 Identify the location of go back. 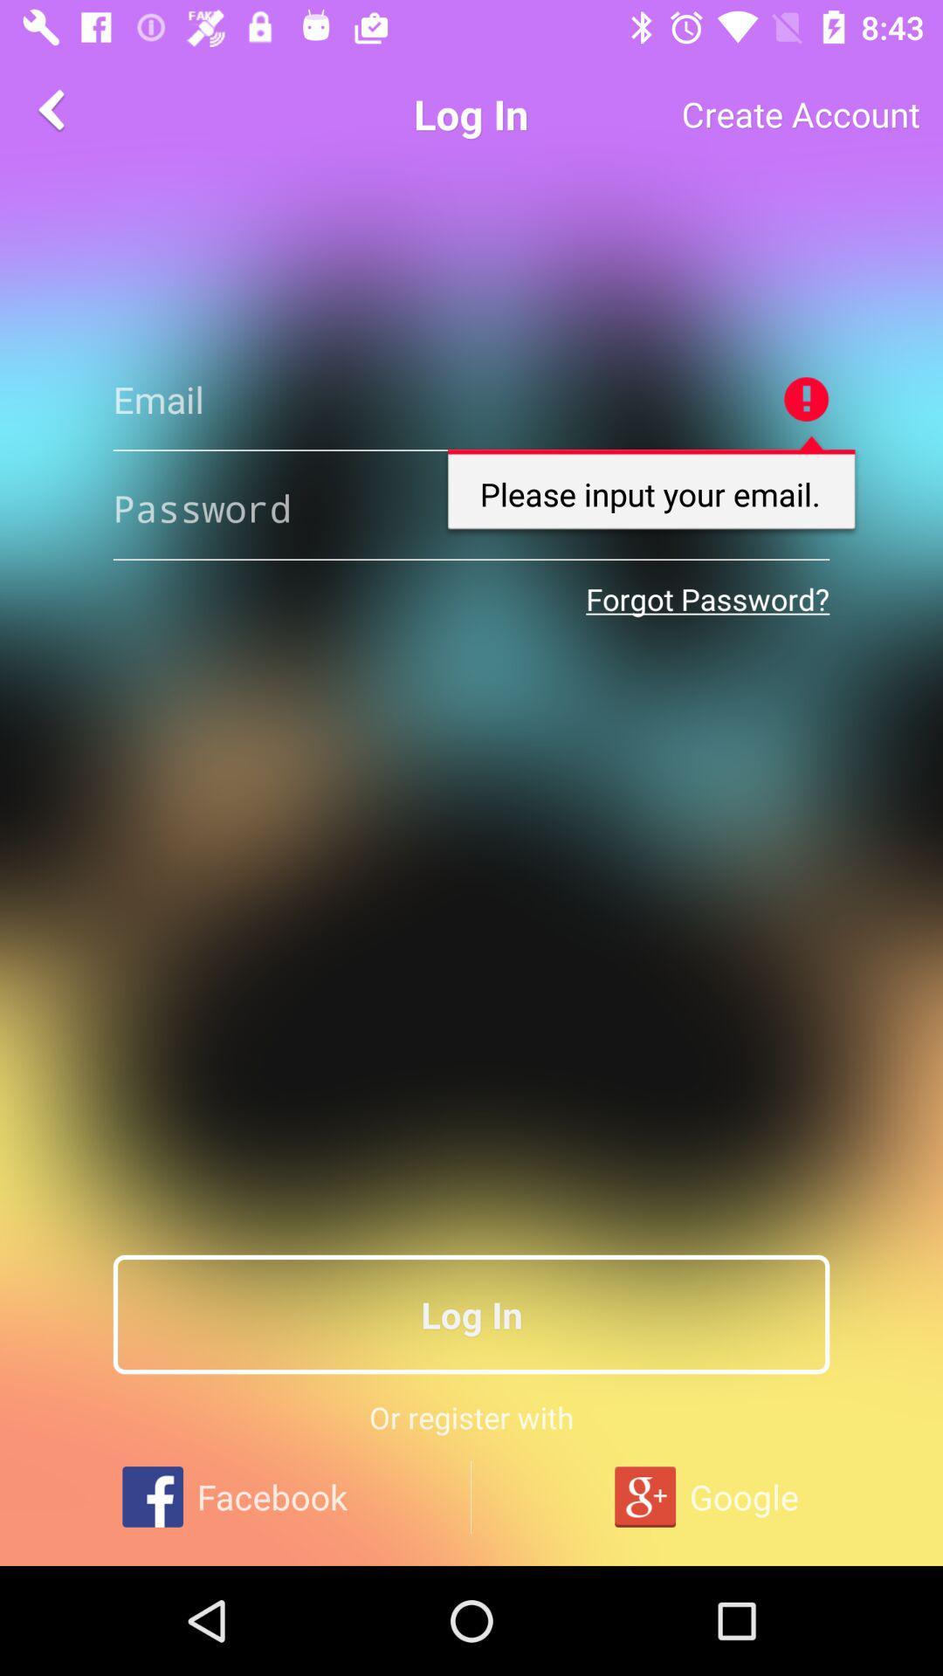
(53, 108).